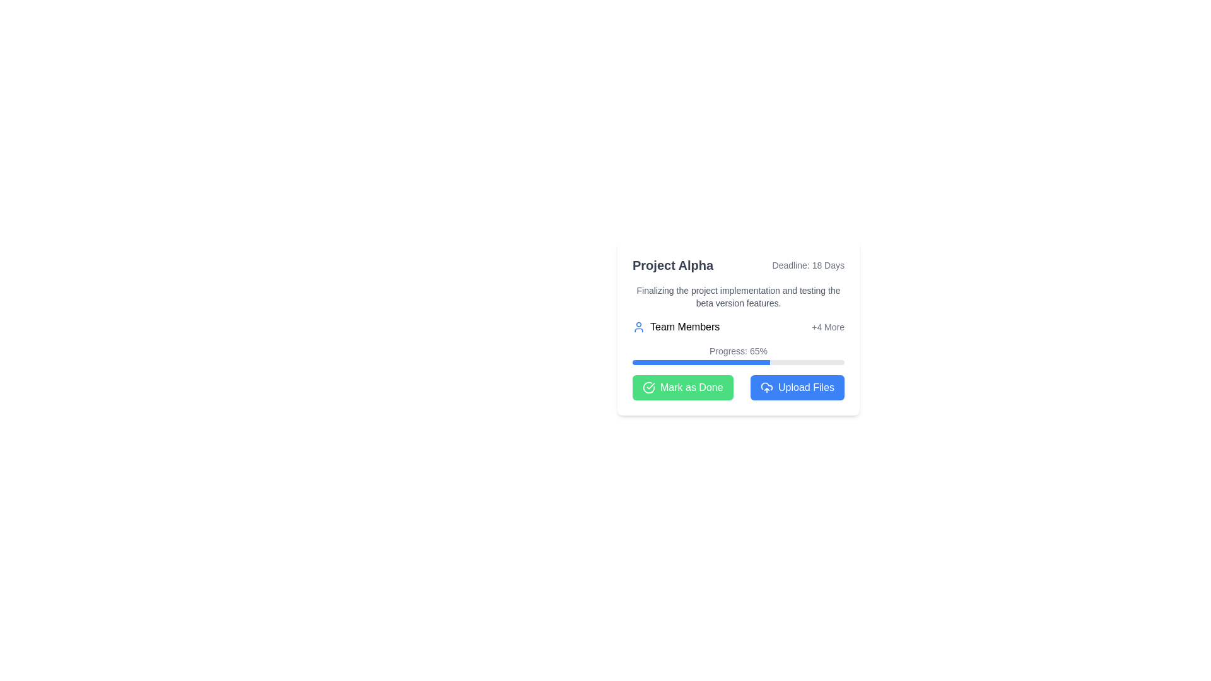  I want to click on the button below the 'Progress: 65%' text and to the left of the blue button labeled 'Upload Files' to mark the task as completed, so click(682, 387).